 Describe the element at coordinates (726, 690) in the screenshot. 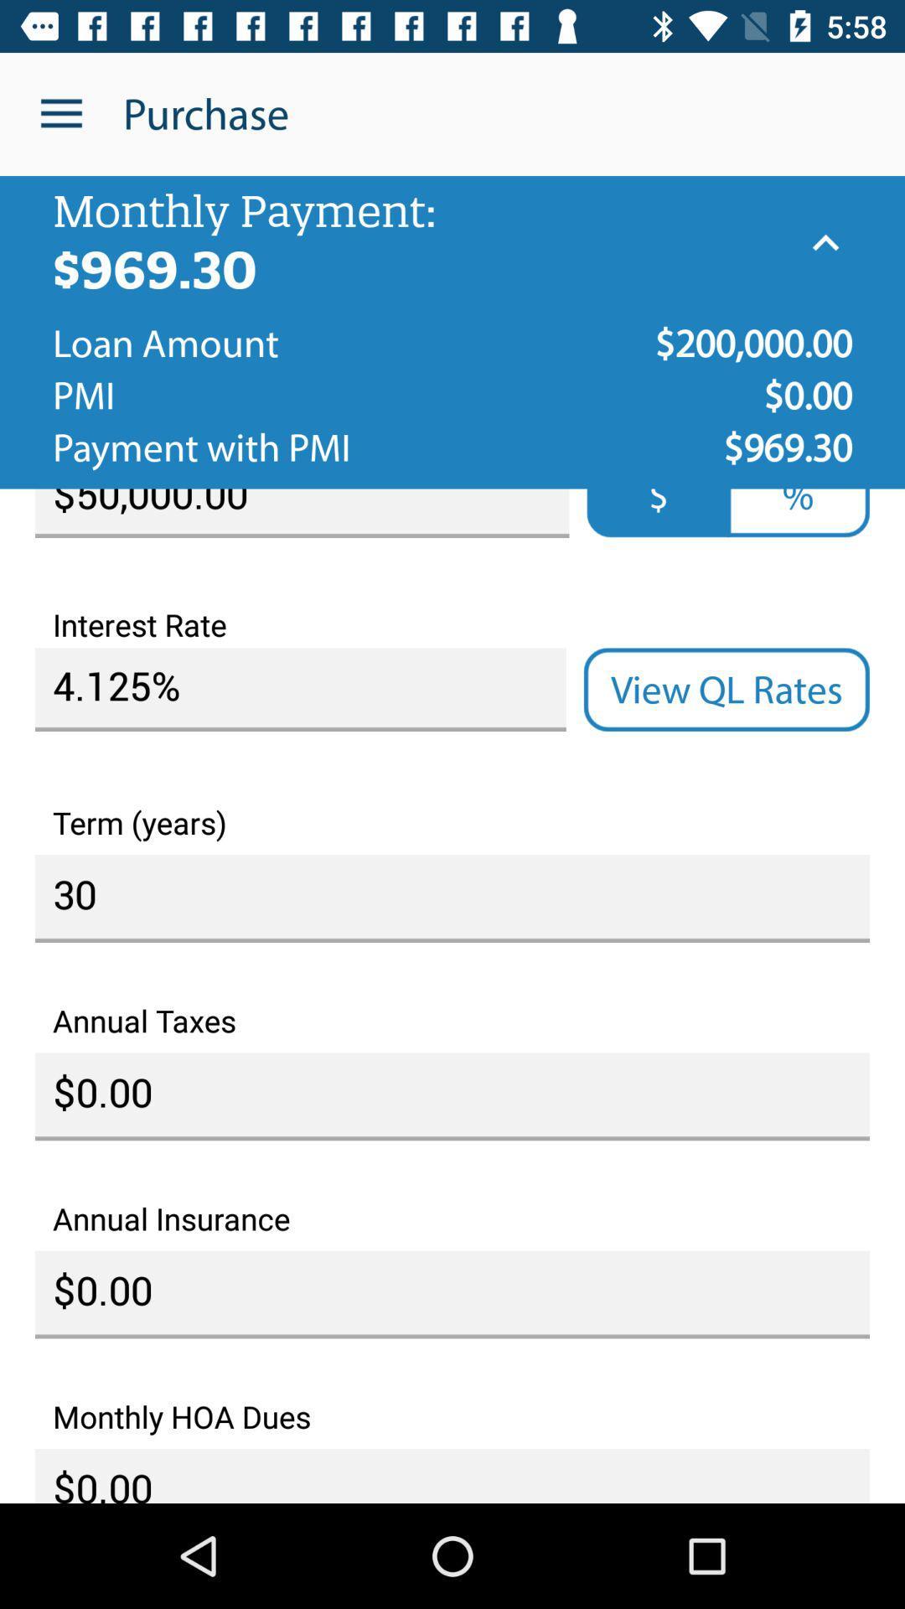

I see `item above term (years) icon` at that location.